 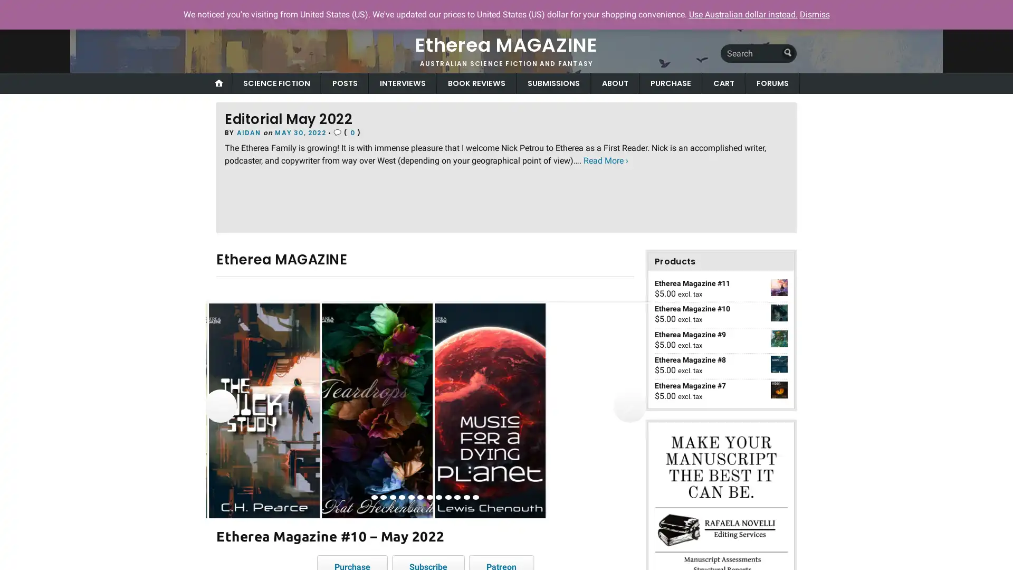 I want to click on view image 9 of 12 in carousel, so click(x=448, y=497).